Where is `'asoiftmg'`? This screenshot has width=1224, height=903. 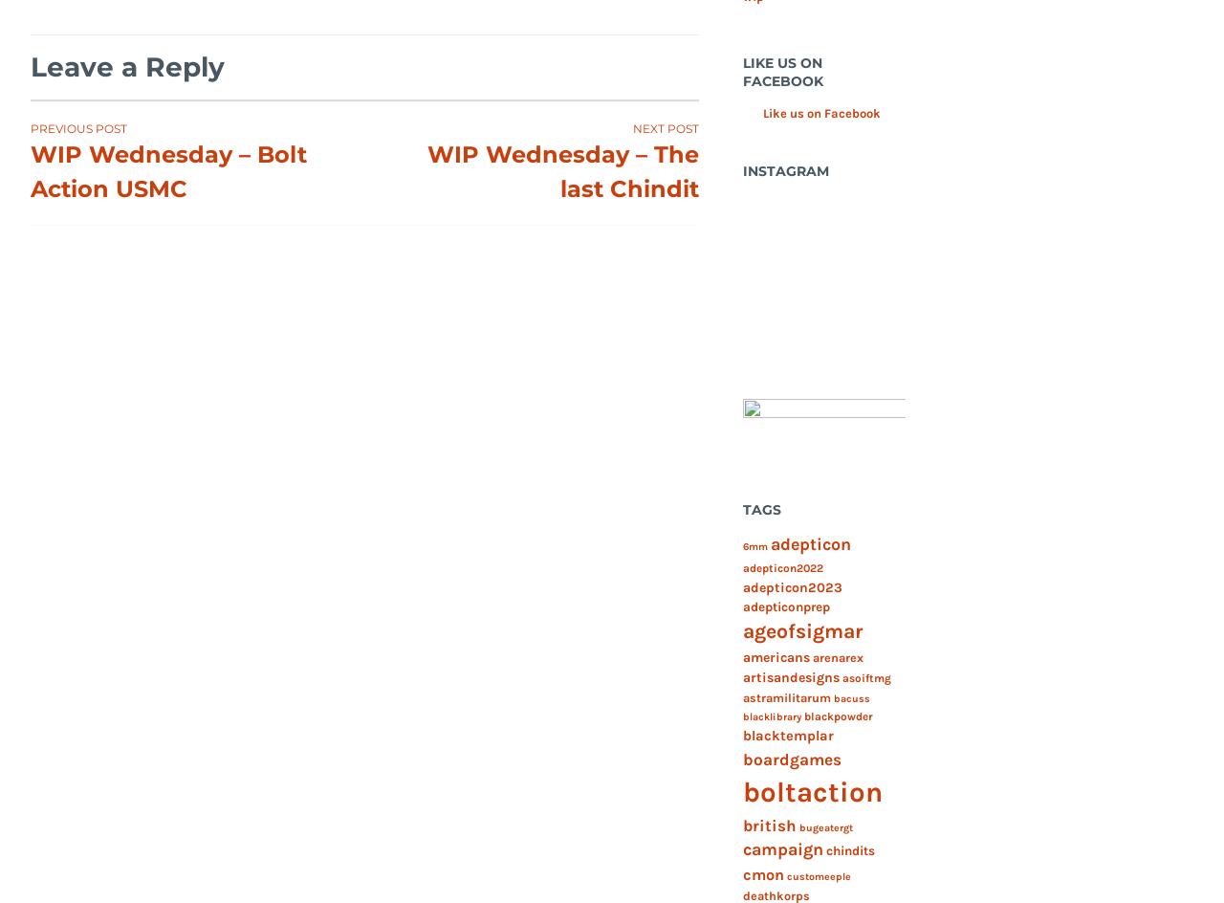
'asoiftmg' is located at coordinates (841, 678).